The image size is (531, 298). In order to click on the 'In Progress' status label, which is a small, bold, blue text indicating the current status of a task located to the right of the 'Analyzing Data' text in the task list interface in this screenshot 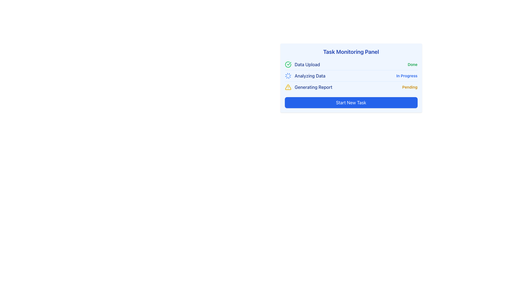, I will do `click(407, 76)`.